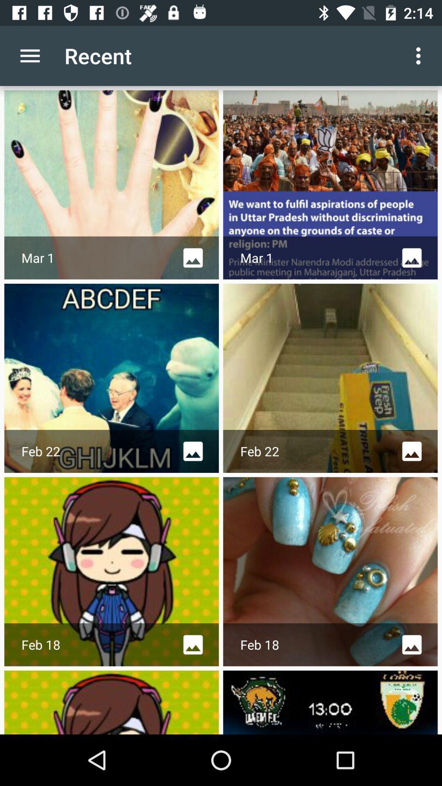 The image size is (442, 786). What do you see at coordinates (420, 55) in the screenshot?
I see `the app to the right of the recent item` at bounding box center [420, 55].